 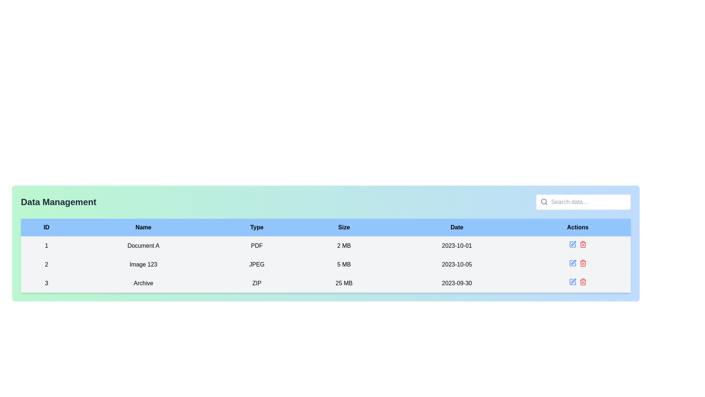 What do you see at coordinates (582, 244) in the screenshot?
I see `the red trash icon in the 'Actions' column of the second row to initiate the deletion process` at bounding box center [582, 244].